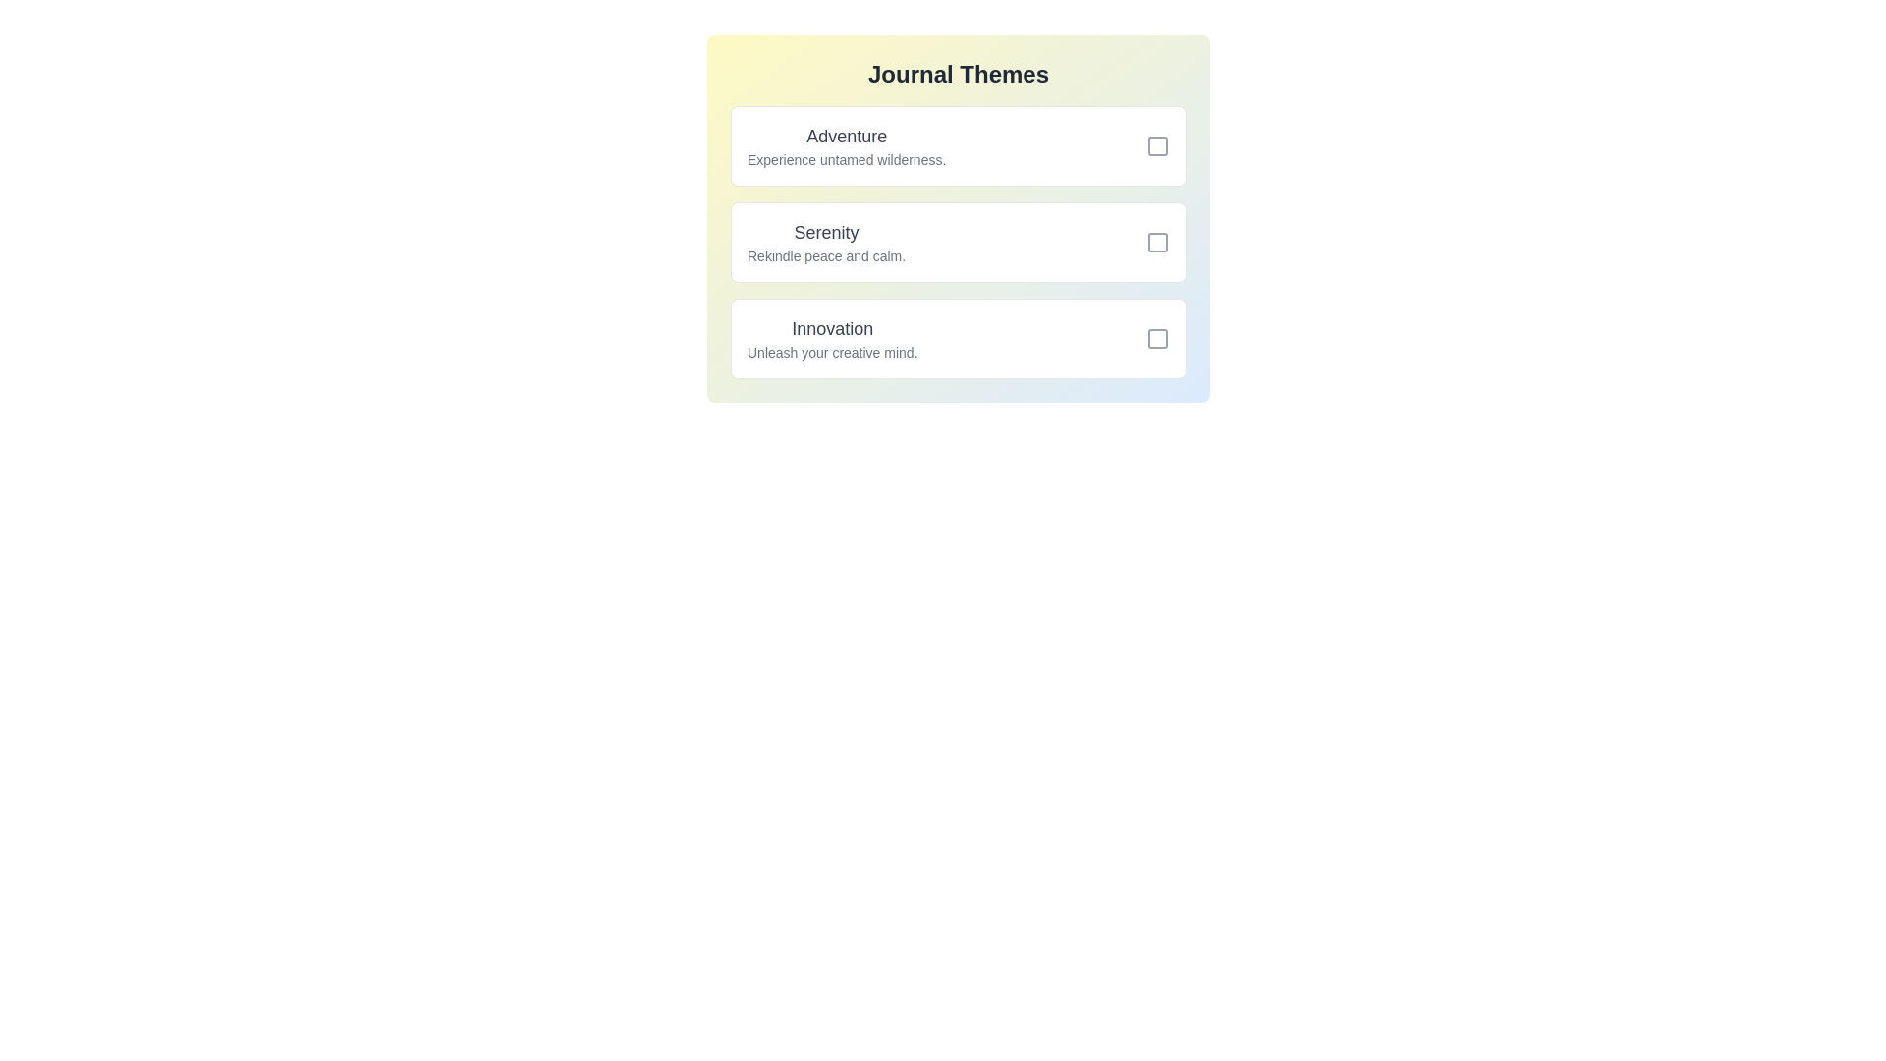  I want to click on static text element that displays 'Rekindle peace and calm.', which is styled in a small font and located below the title 'Serenity', so click(826, 255).